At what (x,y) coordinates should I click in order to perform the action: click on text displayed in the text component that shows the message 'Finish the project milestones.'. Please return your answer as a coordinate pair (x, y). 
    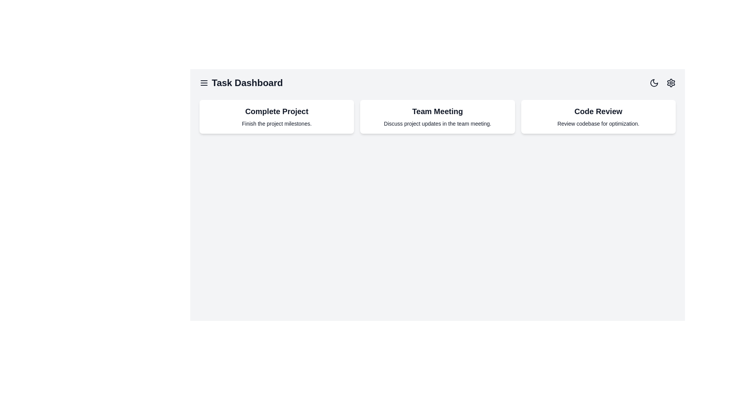
    Looking at the image, I should click on (277, 123).